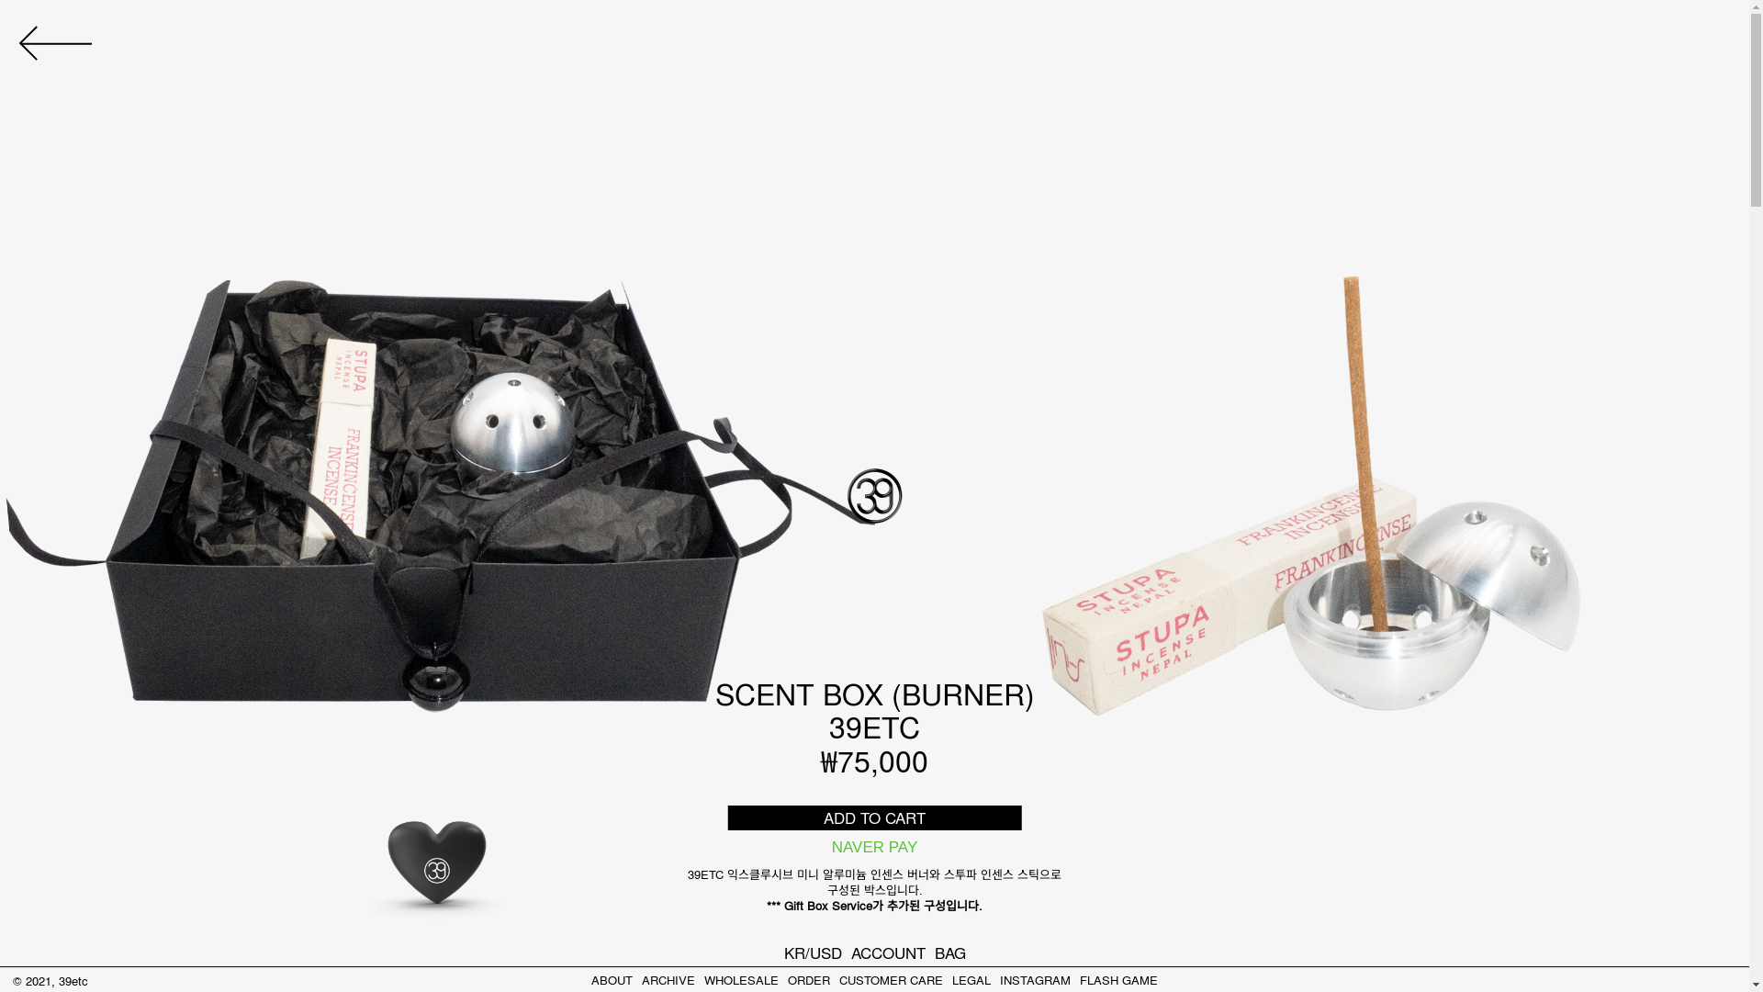  What do you see at coordinates (703, 978) in the screenshot?
I see `'WHOLESALE'` at bounding box center [703, 978].